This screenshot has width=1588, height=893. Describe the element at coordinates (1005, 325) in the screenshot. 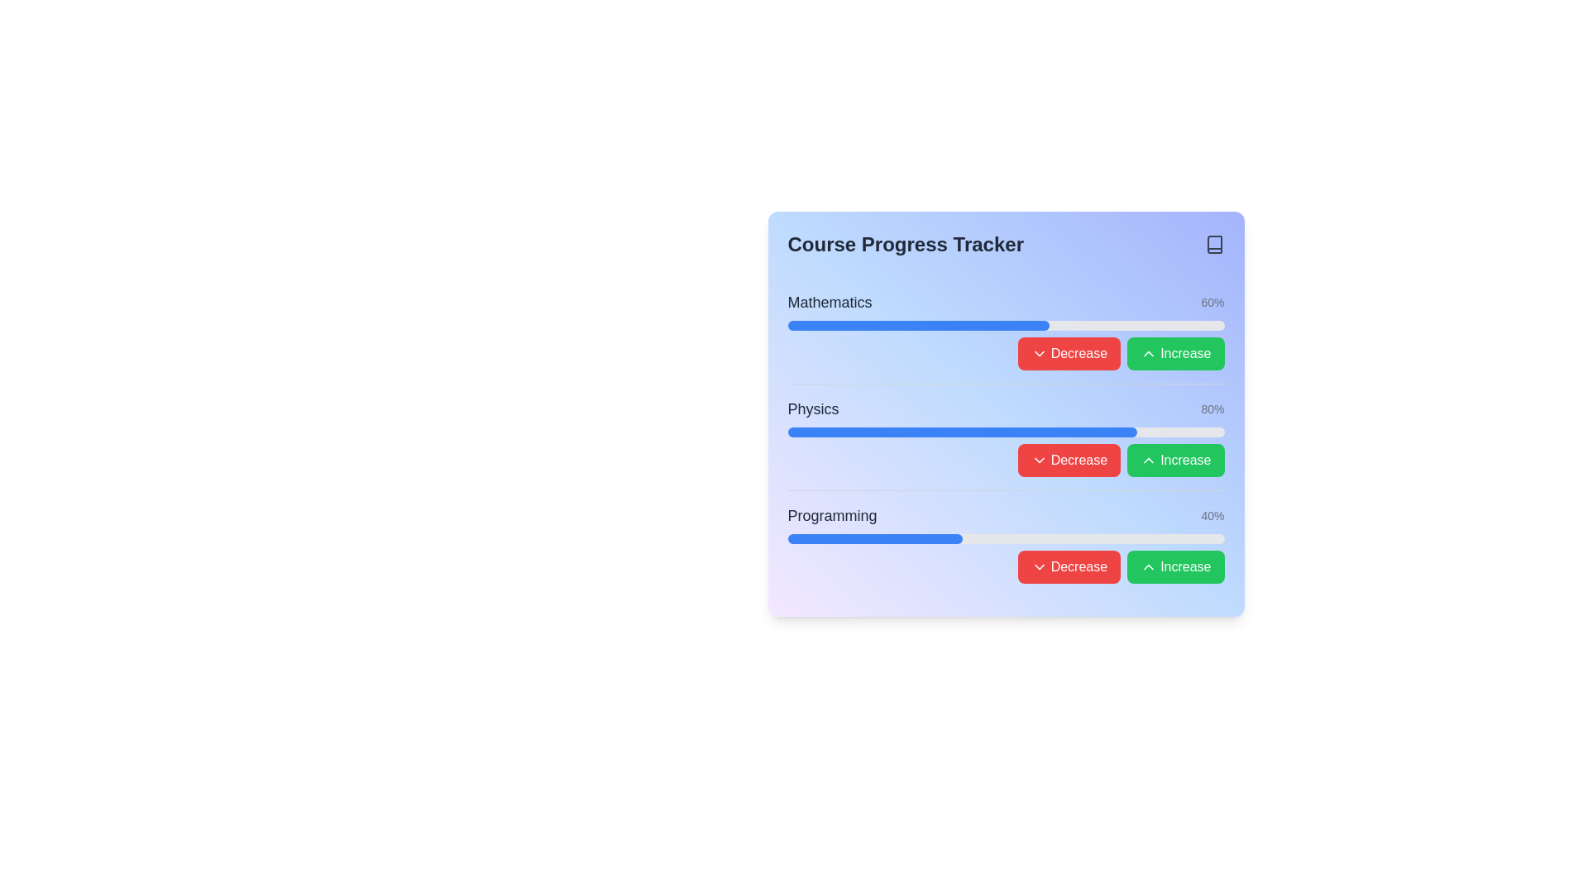

I see `the first progress bar that visually represents the completion level of the 'Mathematics' task, which is currently at 60%` at that location.